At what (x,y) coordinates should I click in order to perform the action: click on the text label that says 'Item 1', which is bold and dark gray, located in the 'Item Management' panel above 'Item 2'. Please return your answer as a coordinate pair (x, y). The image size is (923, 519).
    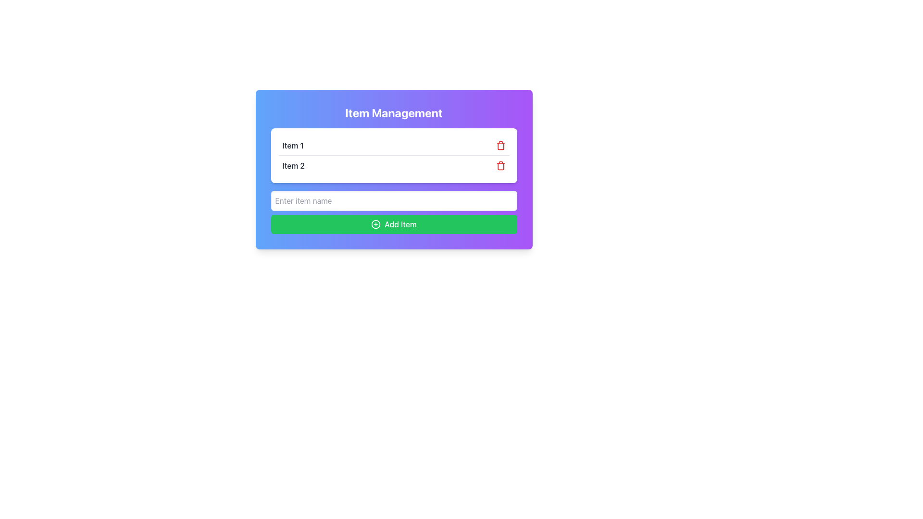
    Looking at the image, I should click on (292, 146).